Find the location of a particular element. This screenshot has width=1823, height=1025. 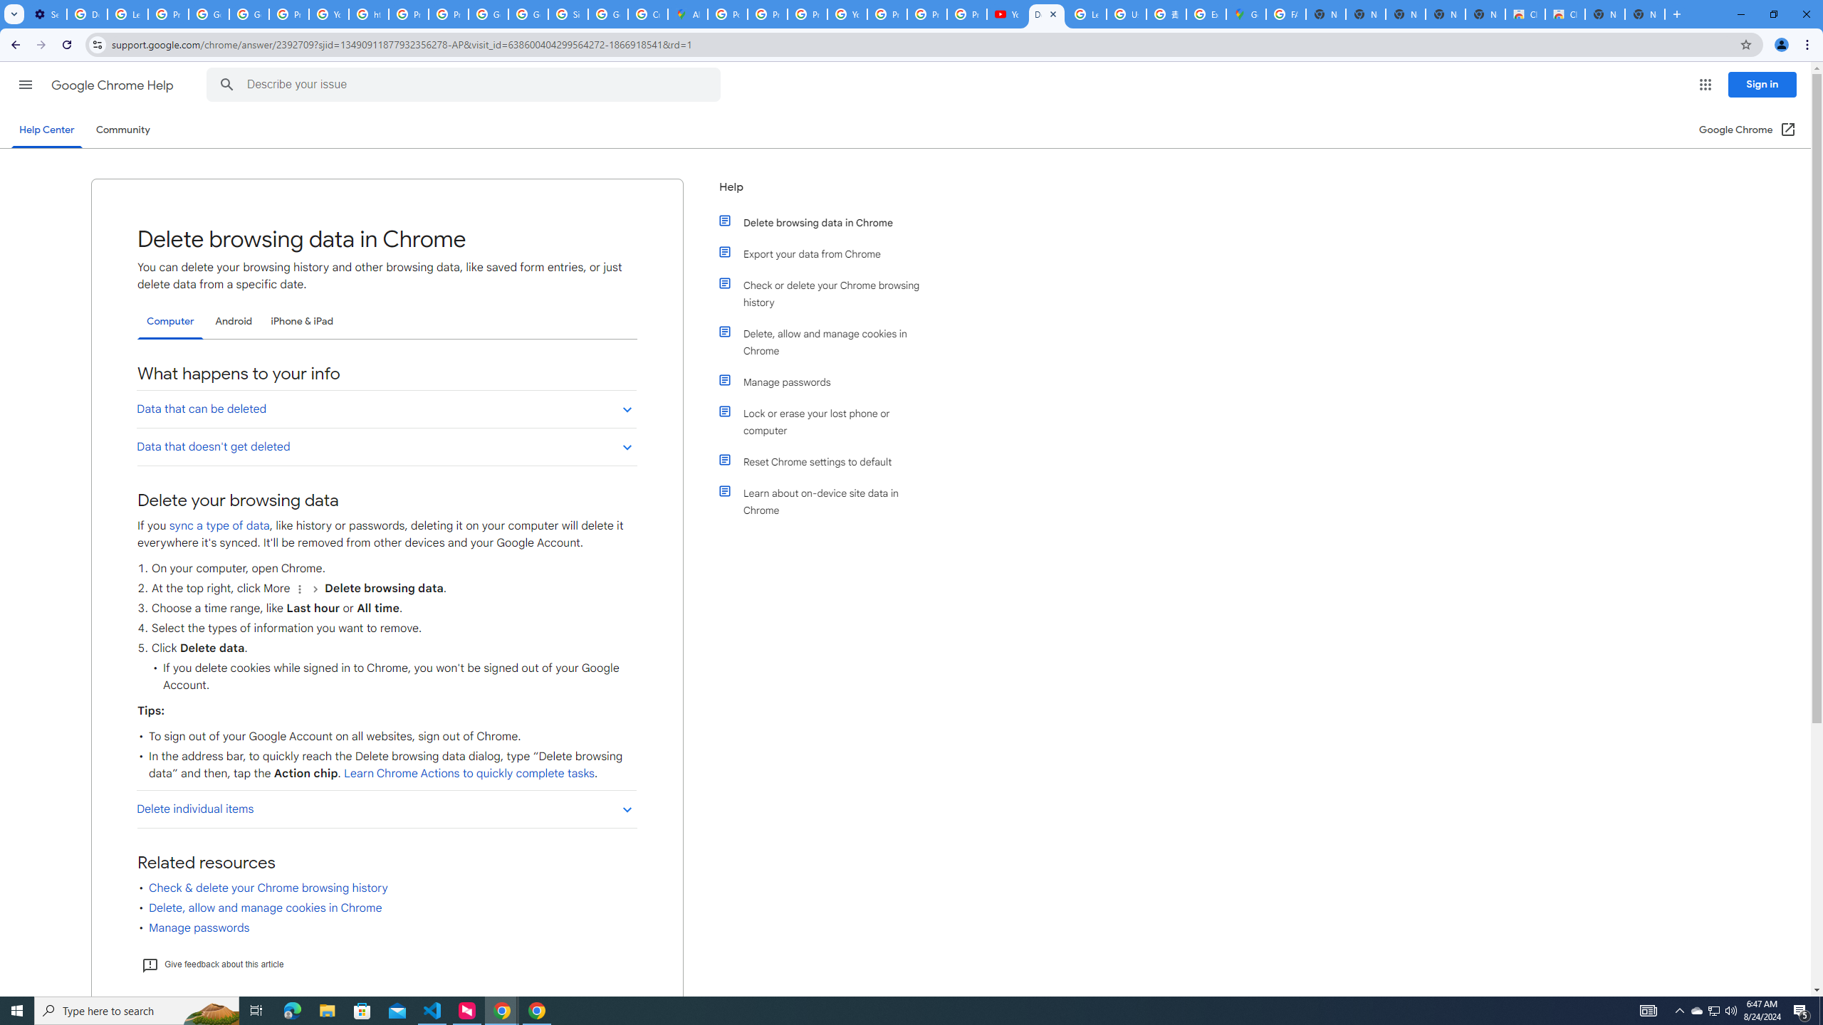

'Classic Blue - Chrome Web Store' is located at coordinates (1524, 14).